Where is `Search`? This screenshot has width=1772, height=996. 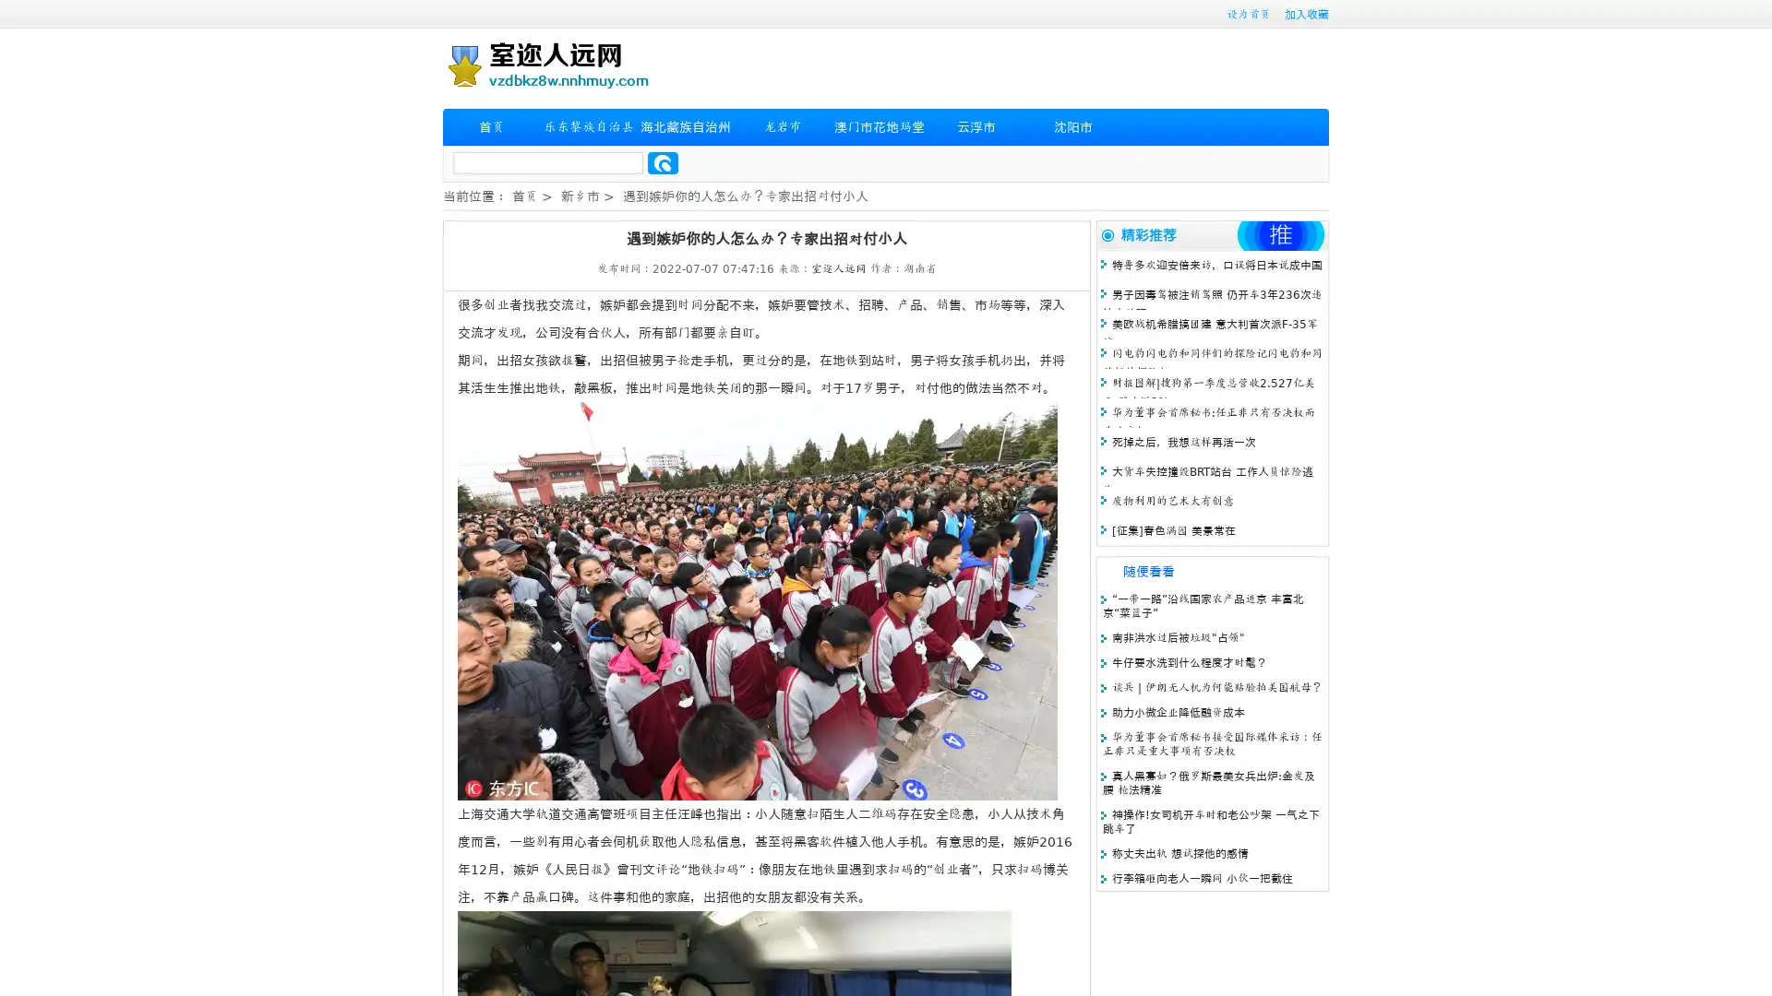
Search is located at coordinates (663, 162).